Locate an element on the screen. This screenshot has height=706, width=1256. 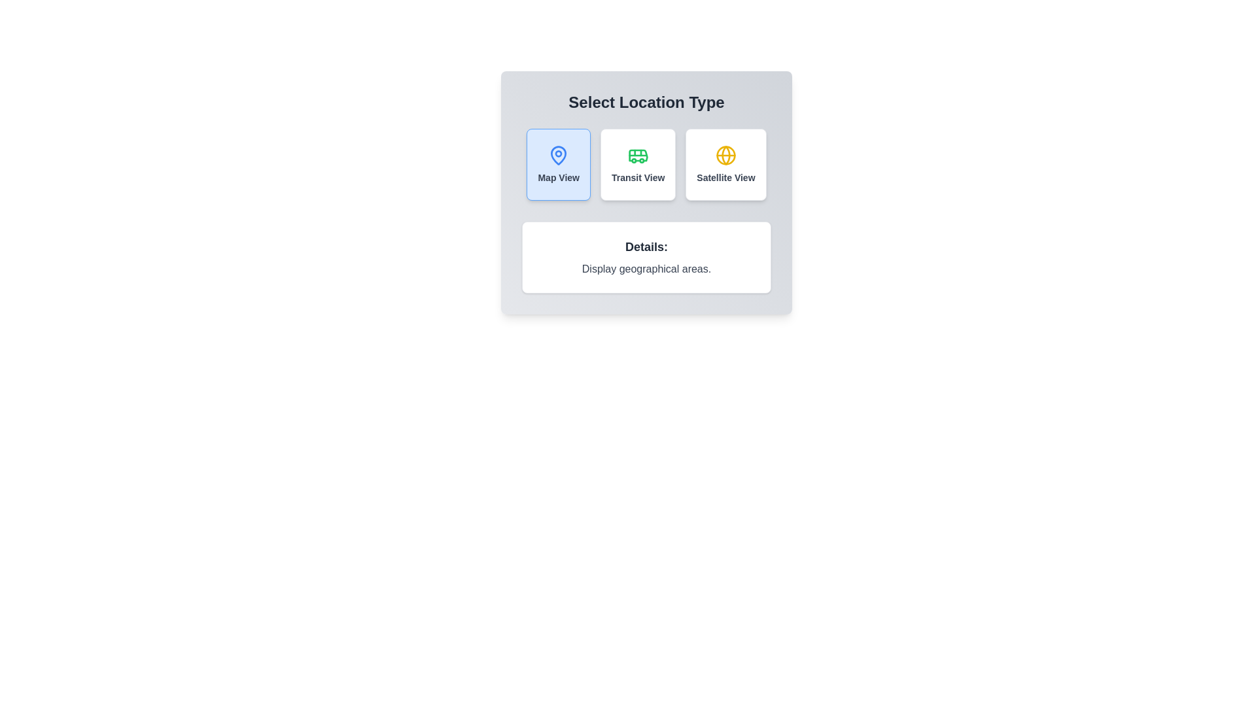
the blue map pin icon located in the 'Map View' section under 'Select Location Type' is located at coordinates (559, 154).